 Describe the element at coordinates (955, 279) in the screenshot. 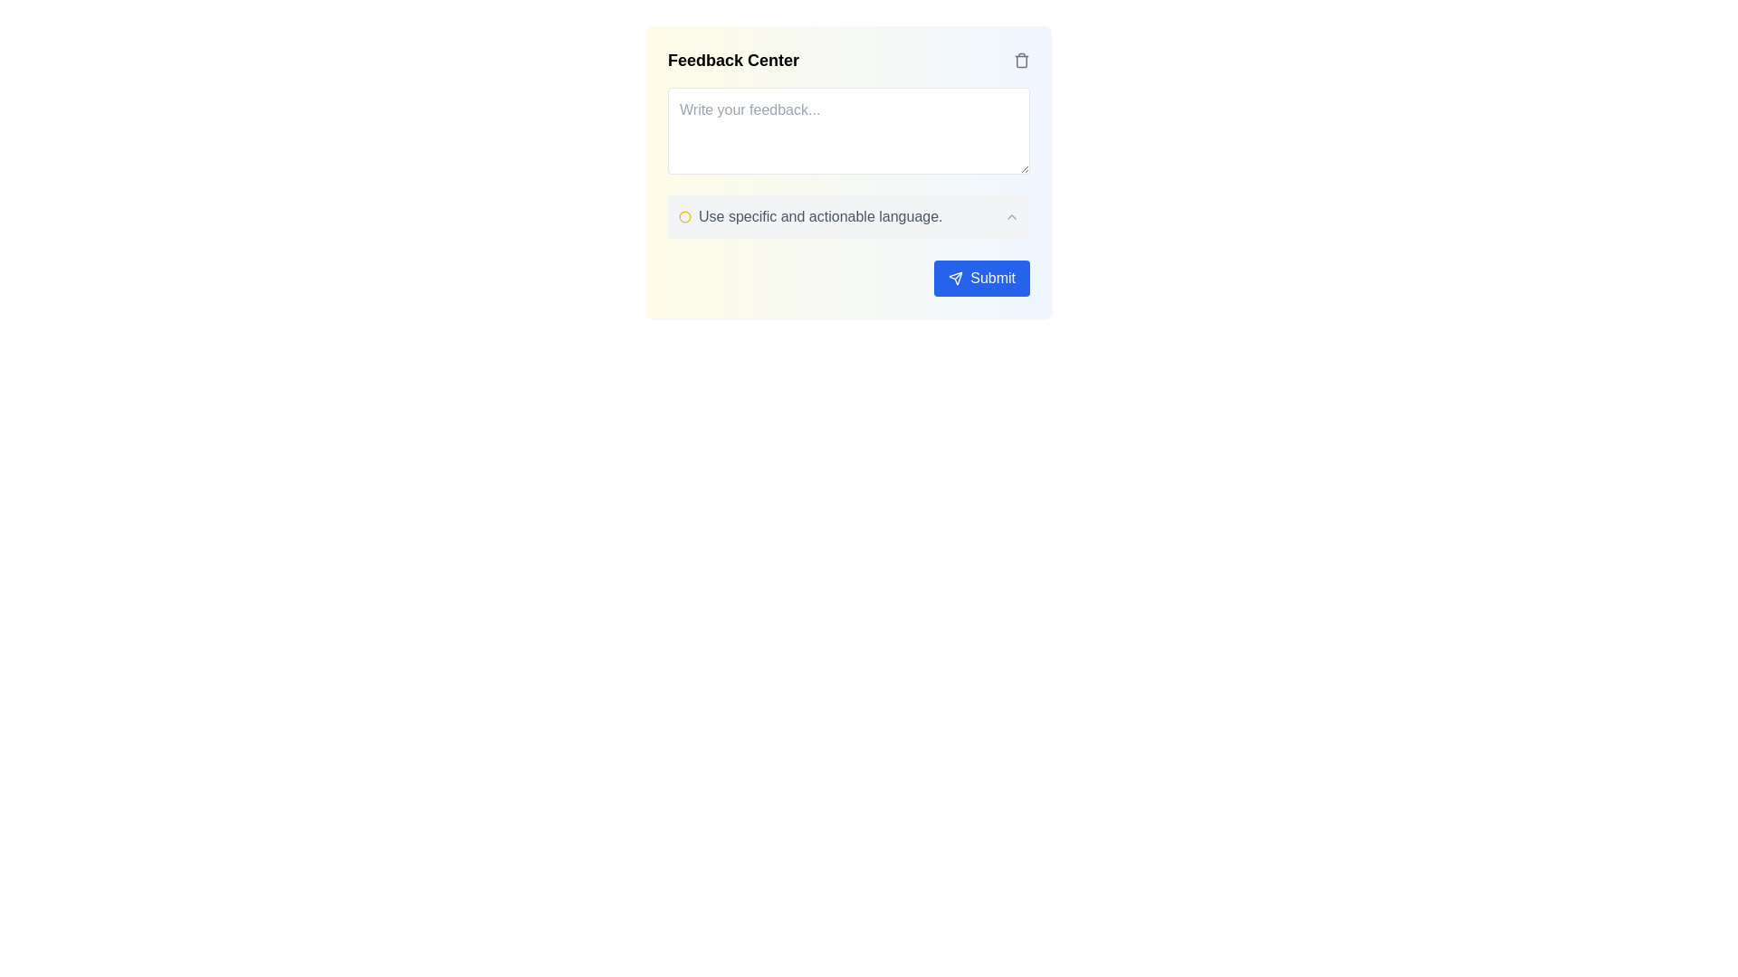

I see `the 'Submit' button located in the lower-right portion of the interface, which includes a decorative SVG icon to the left of the 'Submit' text` at that location.